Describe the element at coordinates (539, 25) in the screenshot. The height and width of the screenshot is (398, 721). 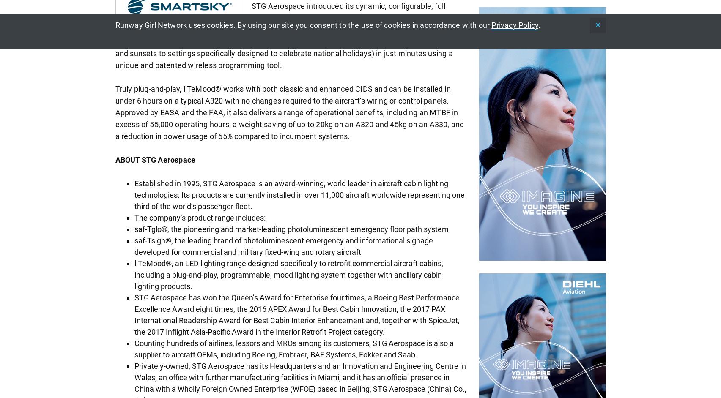
I see `'.'` at that location.